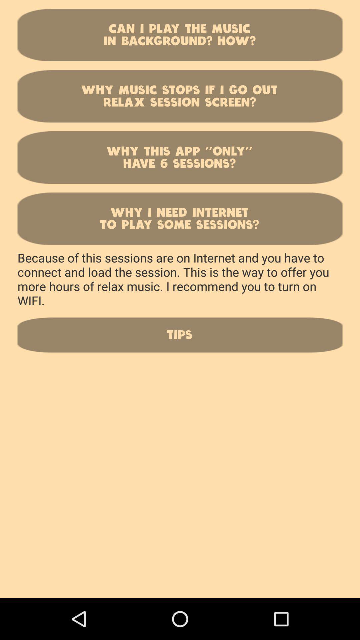  Describe the element at coordinates (180, 335) in the screenshot. I see `the tips` at that location.